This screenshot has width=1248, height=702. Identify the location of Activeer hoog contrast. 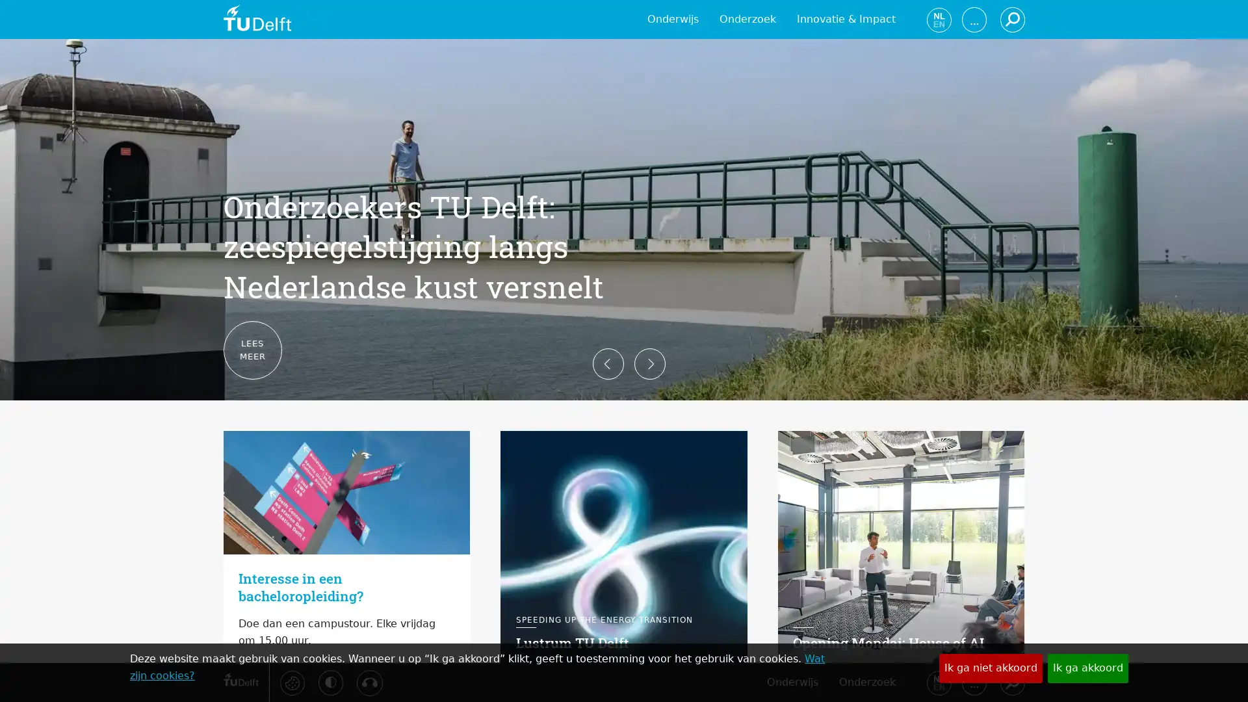
(330, 681).